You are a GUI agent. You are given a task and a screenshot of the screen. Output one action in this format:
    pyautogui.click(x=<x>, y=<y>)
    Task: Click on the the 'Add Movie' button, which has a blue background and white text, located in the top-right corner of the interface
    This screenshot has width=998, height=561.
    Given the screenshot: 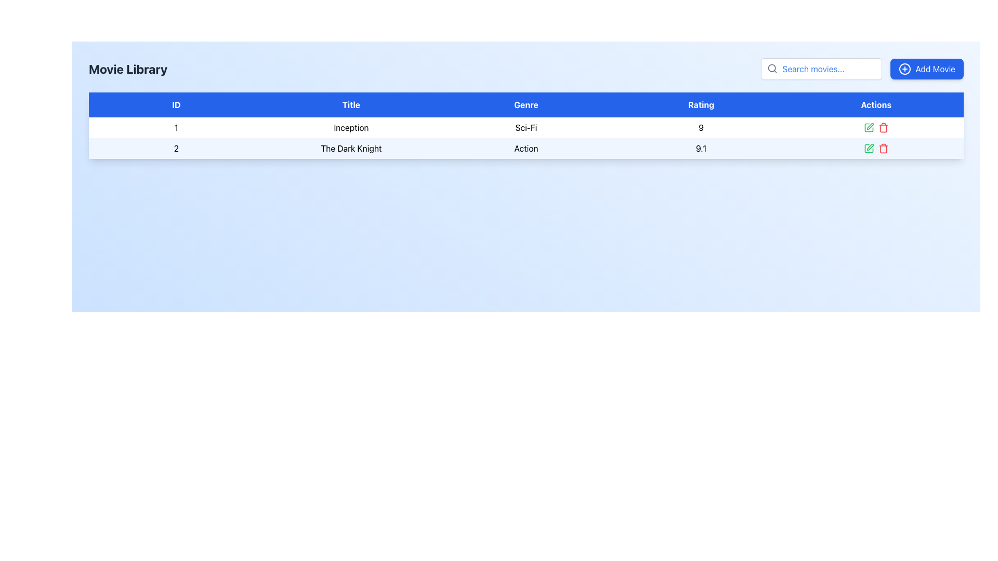 What is the action you would take?
    pyautogui.click(x=927, y=69)
    